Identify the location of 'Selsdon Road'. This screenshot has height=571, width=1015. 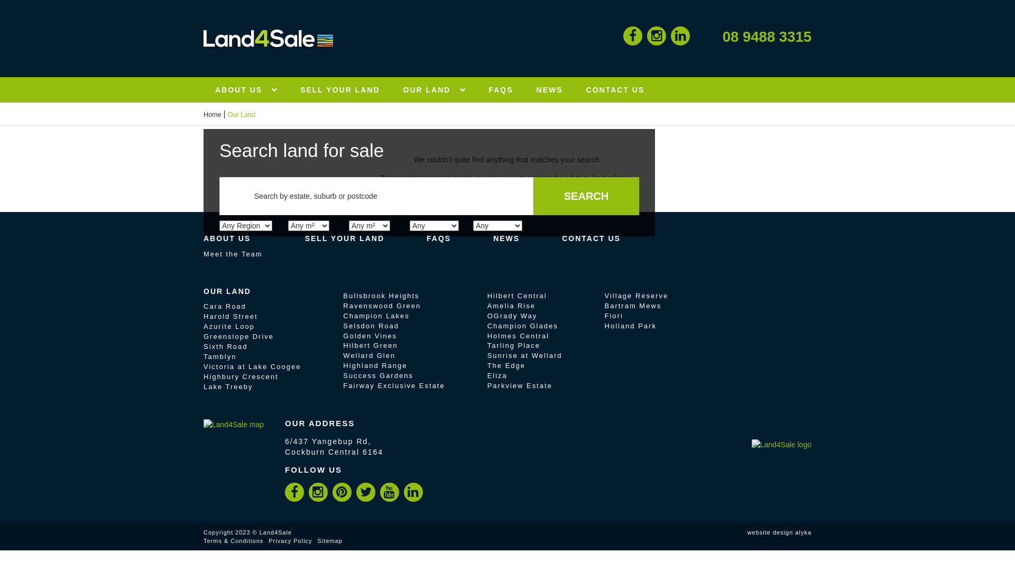
(371, 325).